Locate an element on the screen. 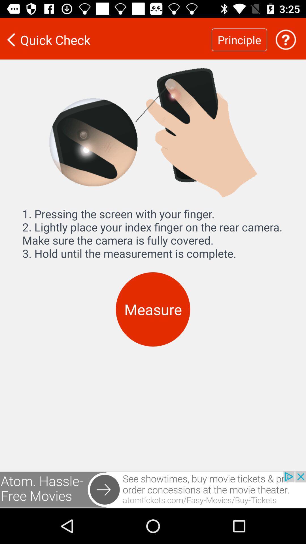  advertisement banner is located at coordinates (153, 489).